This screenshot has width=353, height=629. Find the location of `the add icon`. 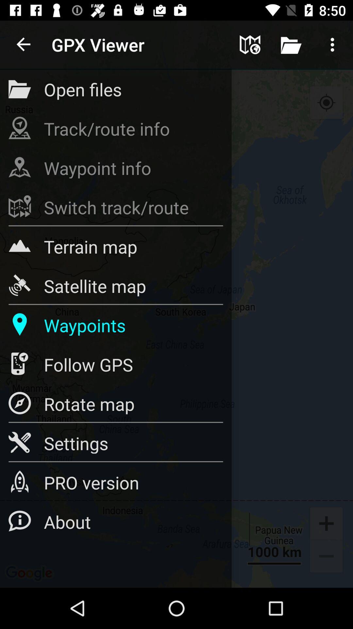

the add icon is located at coordinates (326, 523).